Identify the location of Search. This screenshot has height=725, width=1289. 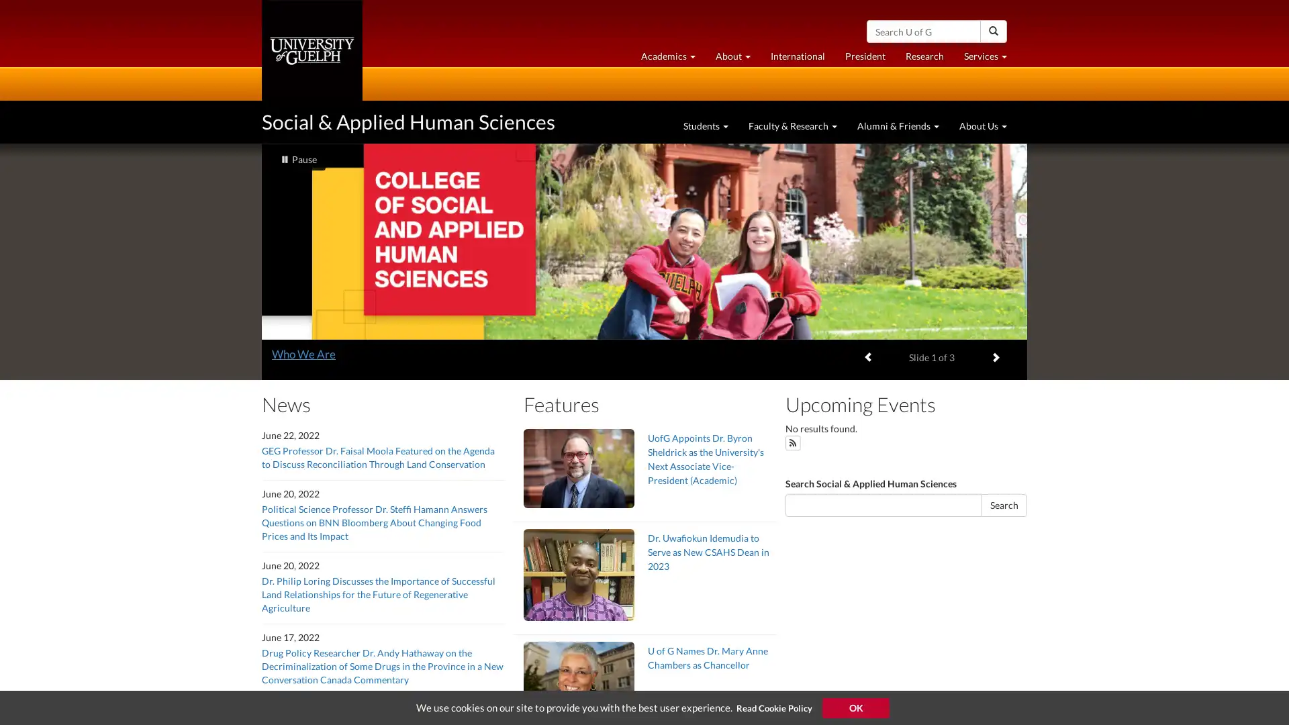
(1004, 309).